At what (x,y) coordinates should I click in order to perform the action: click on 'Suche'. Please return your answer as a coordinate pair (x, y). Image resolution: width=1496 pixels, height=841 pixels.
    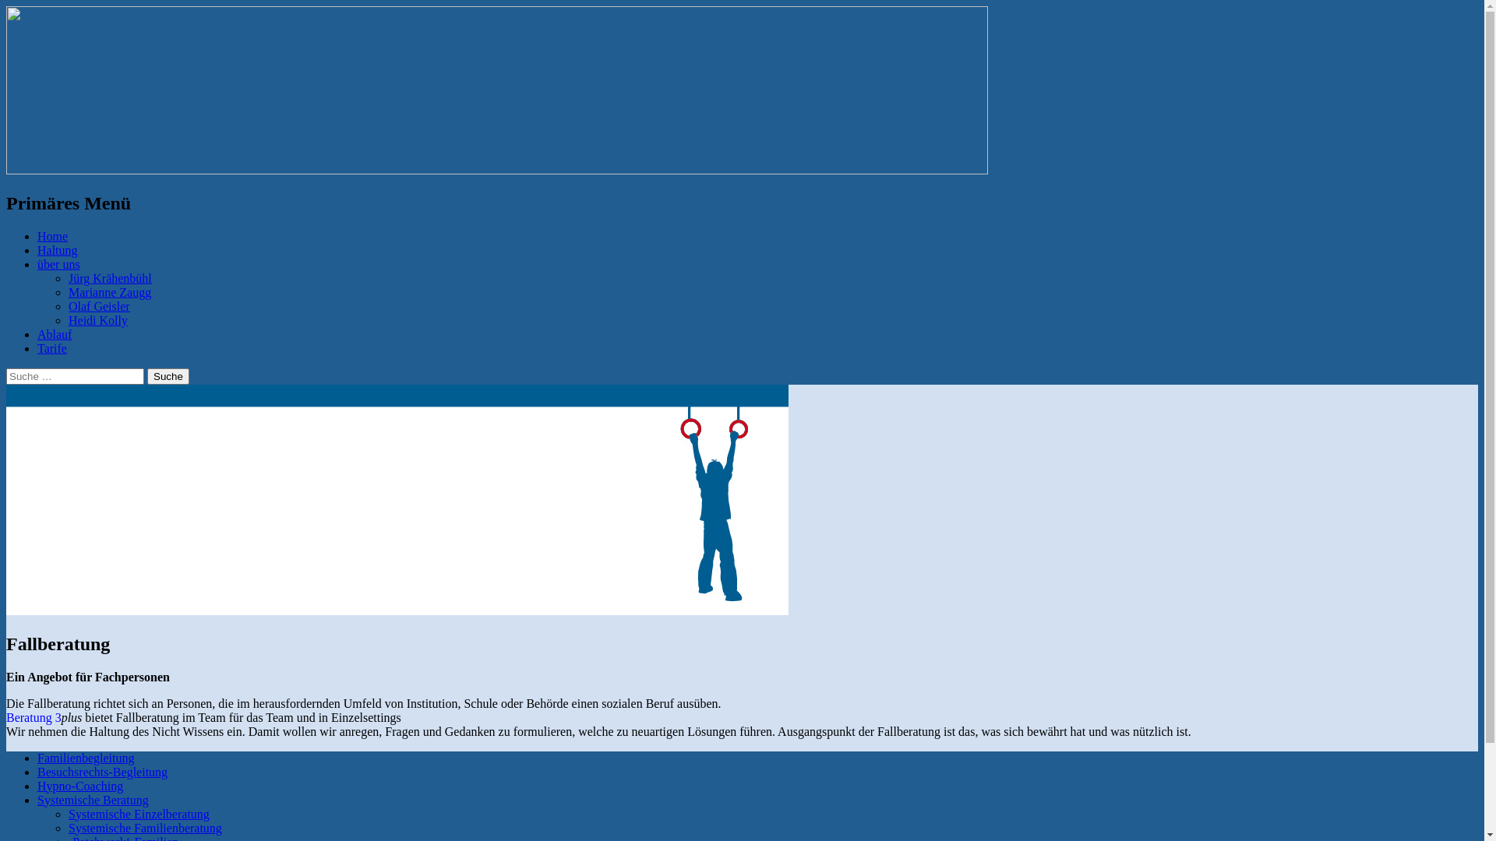
    Looking at the image, I should click on (168, 376).